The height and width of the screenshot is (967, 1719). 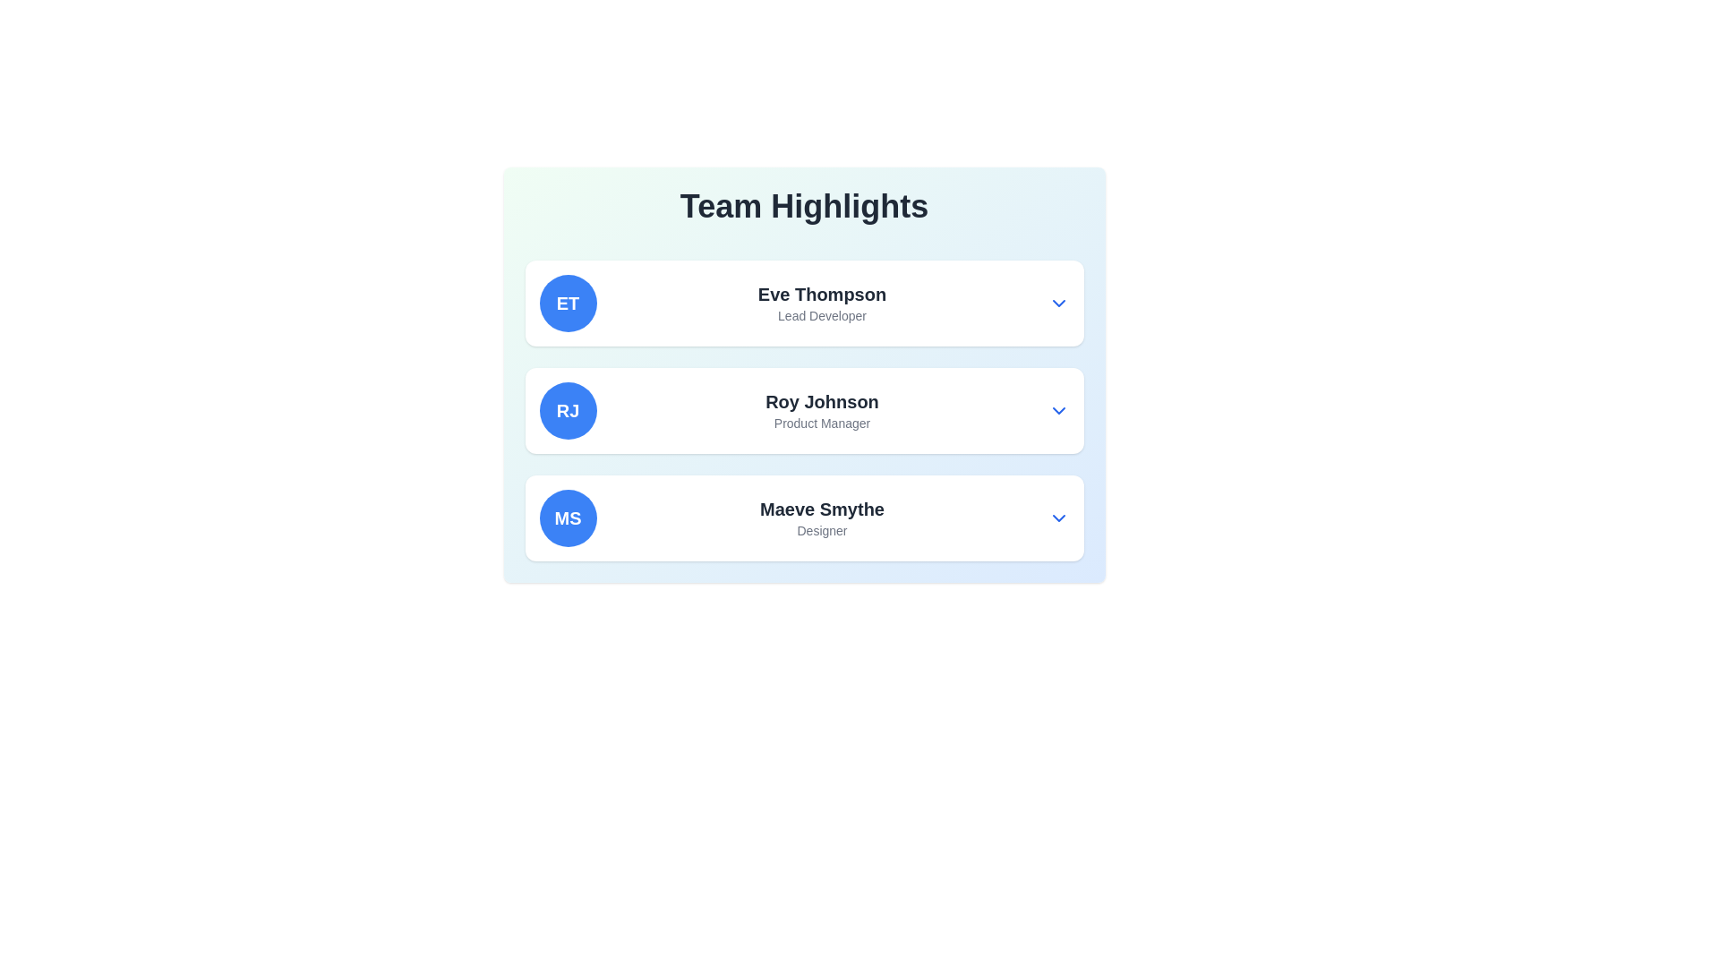 I want to click on the text label displaying 'Roy Johnson' which is part of the second entry in the 'Team Highlights' list, positioned above 'Product Manager' and aligned with the 'RJ' avatar, so click(x=821, y=400).